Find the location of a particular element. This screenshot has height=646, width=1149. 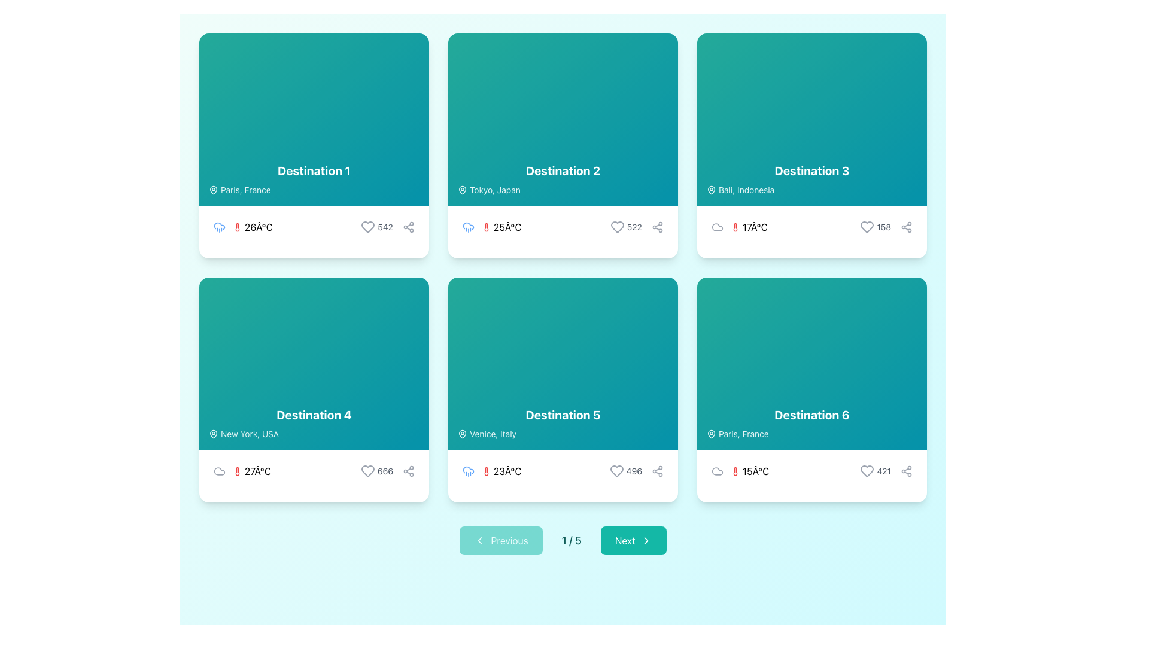

the heart-shaped icon filled with red color located in the lower segment of the card labeled 'Destination 4' is located at coordinates (367, 470).